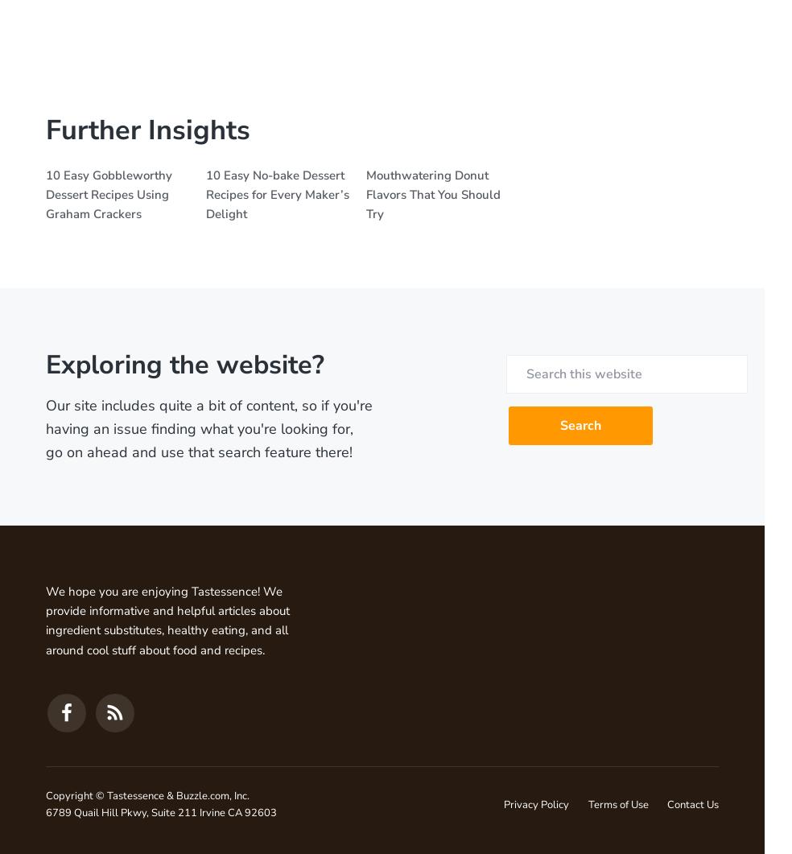 This screenshot has width=792, height=854. Describe the element at coordinates (691, 803) in the screenshot. I see `'Contact Us'` at that location.